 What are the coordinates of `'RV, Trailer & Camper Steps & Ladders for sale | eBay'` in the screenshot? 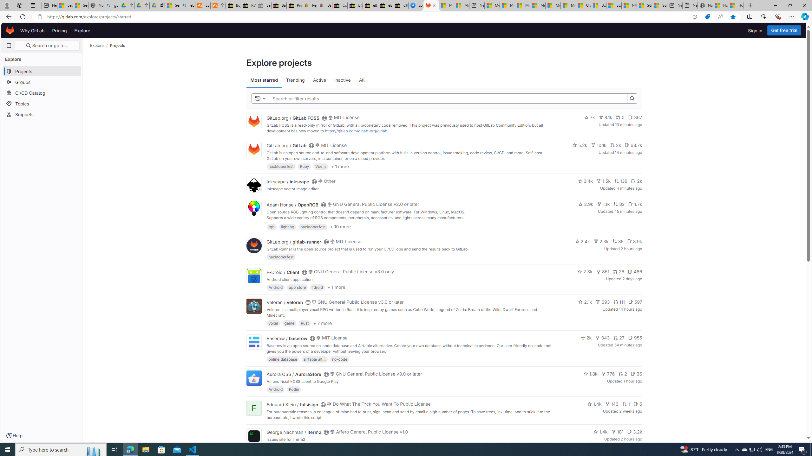 It's located at (248, 5).